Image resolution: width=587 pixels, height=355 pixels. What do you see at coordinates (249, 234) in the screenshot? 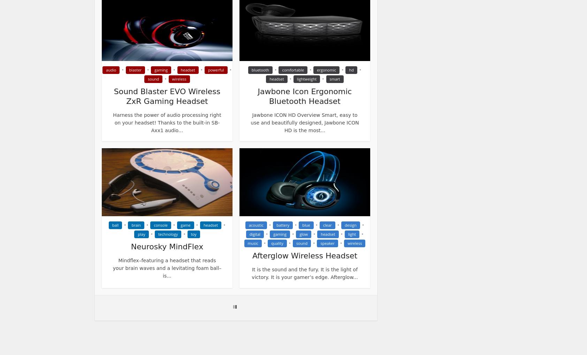
I see `'digital'` at bounding box center [249, 234].